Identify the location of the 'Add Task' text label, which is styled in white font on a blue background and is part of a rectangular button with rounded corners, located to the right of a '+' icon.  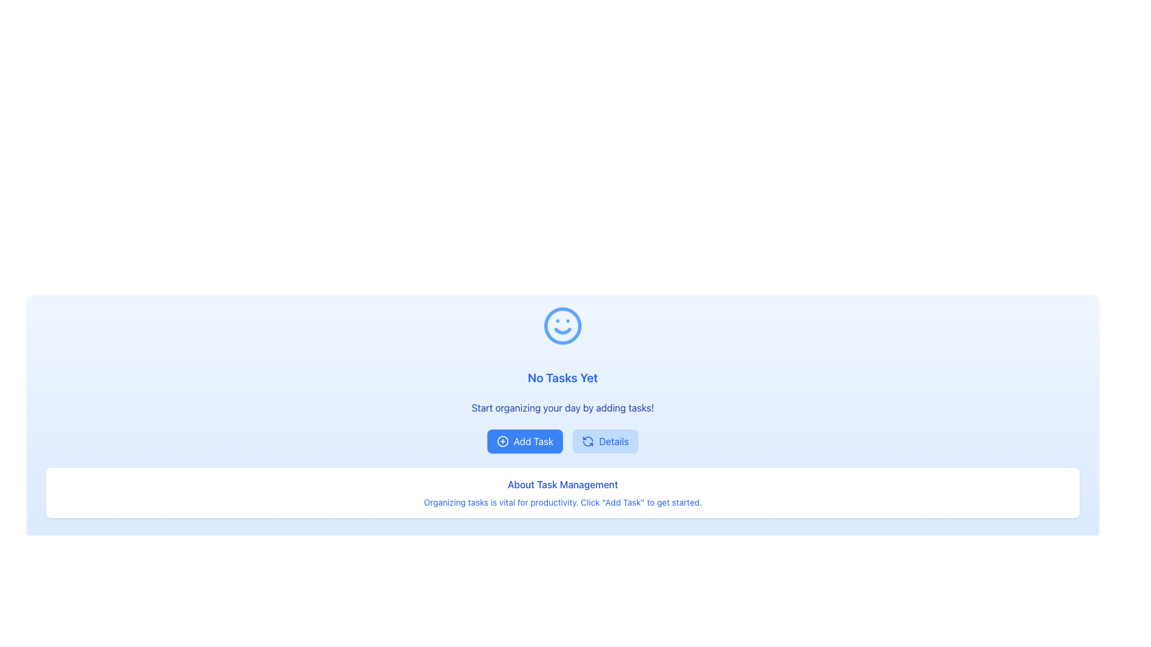
(533, 441).